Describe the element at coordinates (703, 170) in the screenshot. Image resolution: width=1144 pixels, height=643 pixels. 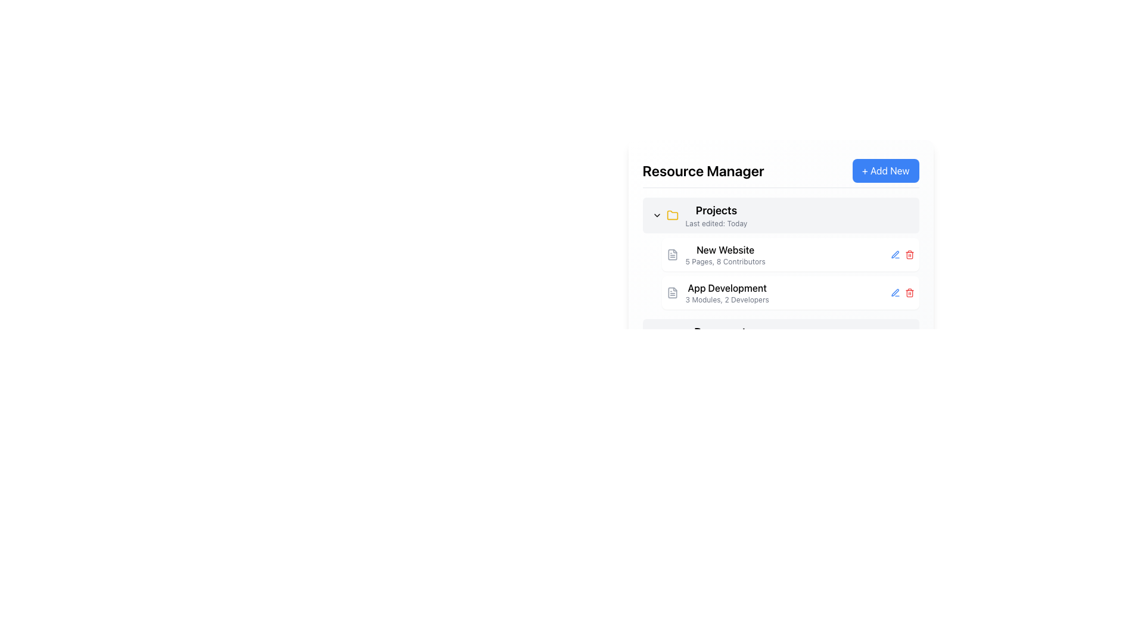
I see `the 'Resource Manager' text label which is styled in bold and large font, located at the upper-left section of the interface` at that location.